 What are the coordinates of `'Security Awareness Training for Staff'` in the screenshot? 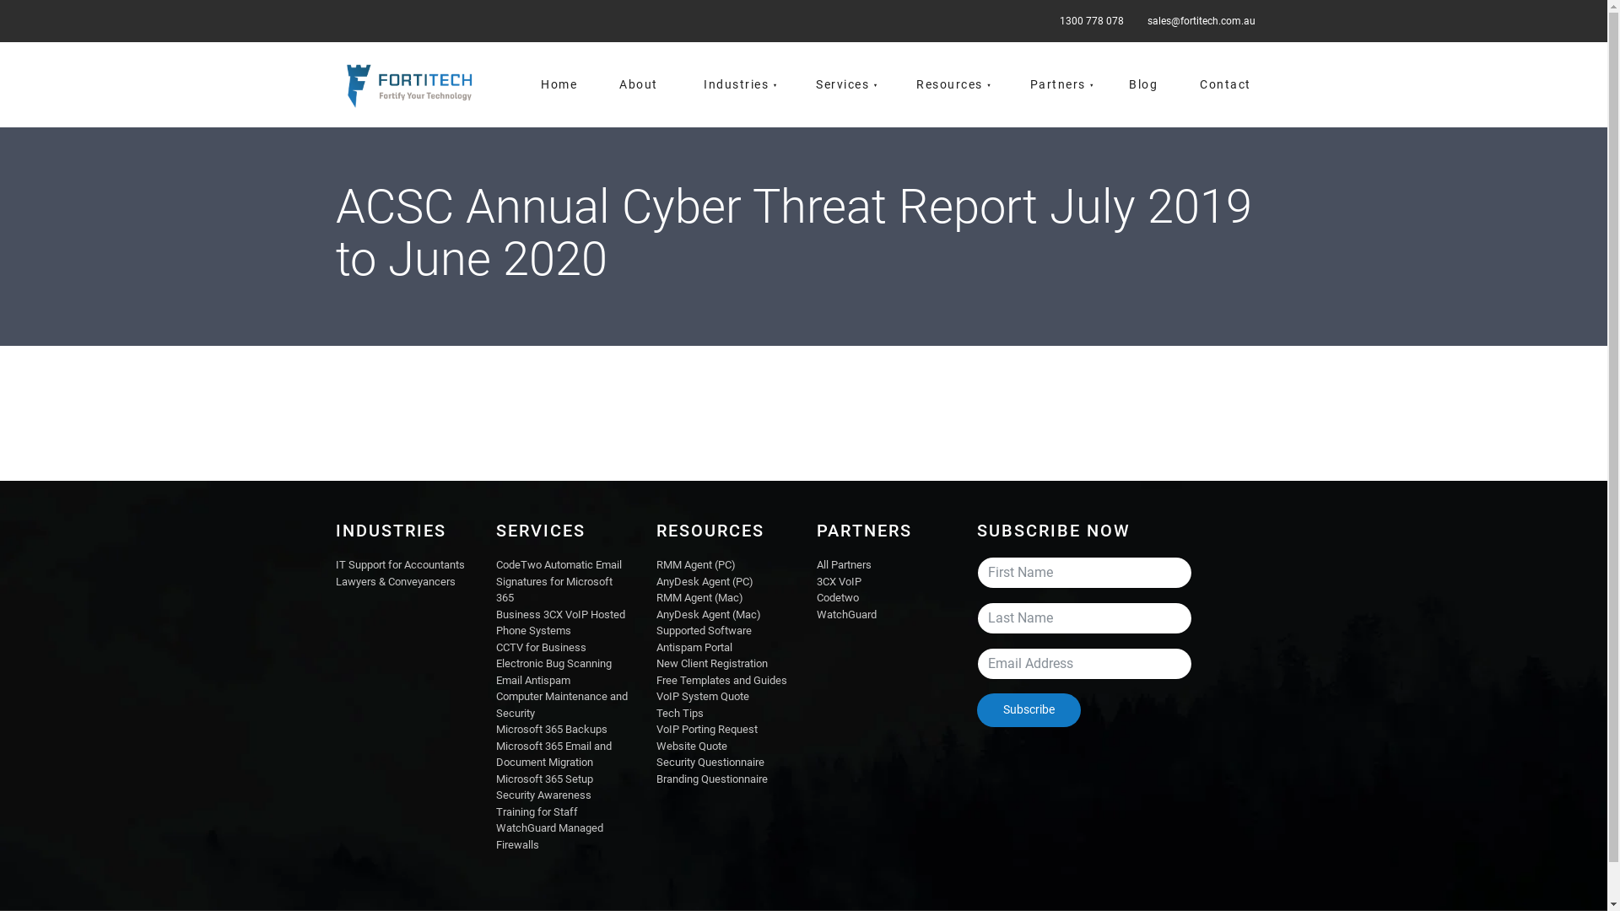 It's located at (543, 802).